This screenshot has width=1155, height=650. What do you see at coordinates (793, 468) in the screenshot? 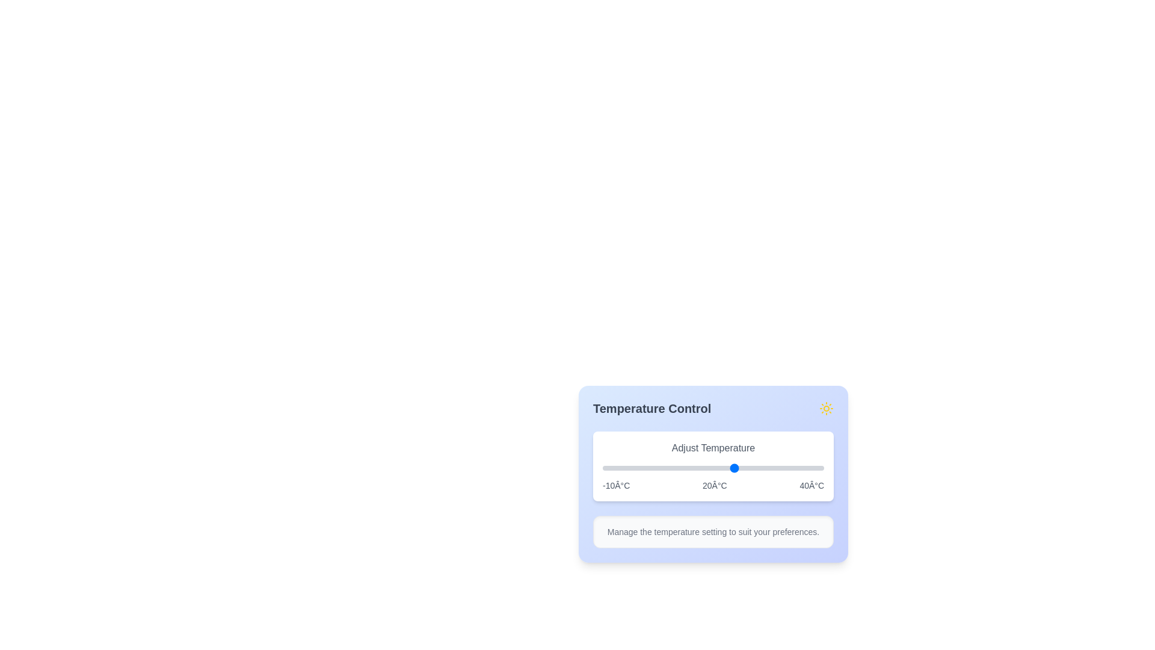
I see `the slider to set the temperature to 33°C` at bounding box center [793, 468].